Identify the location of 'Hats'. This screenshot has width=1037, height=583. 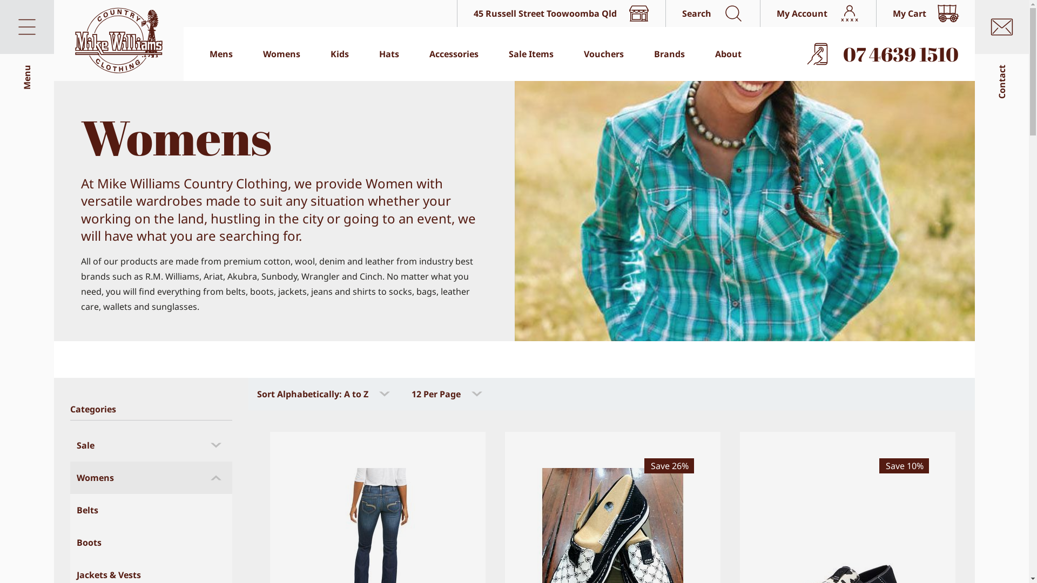
(389, 54).